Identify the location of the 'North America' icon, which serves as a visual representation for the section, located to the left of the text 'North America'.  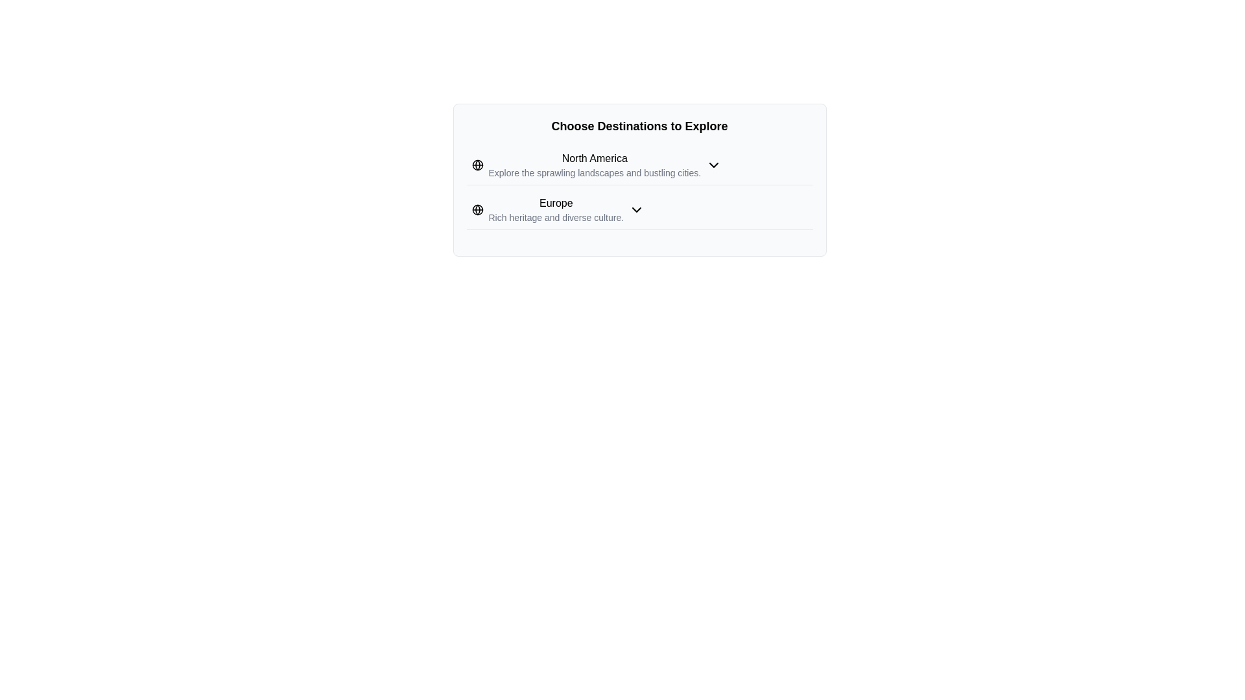
(477, 164).